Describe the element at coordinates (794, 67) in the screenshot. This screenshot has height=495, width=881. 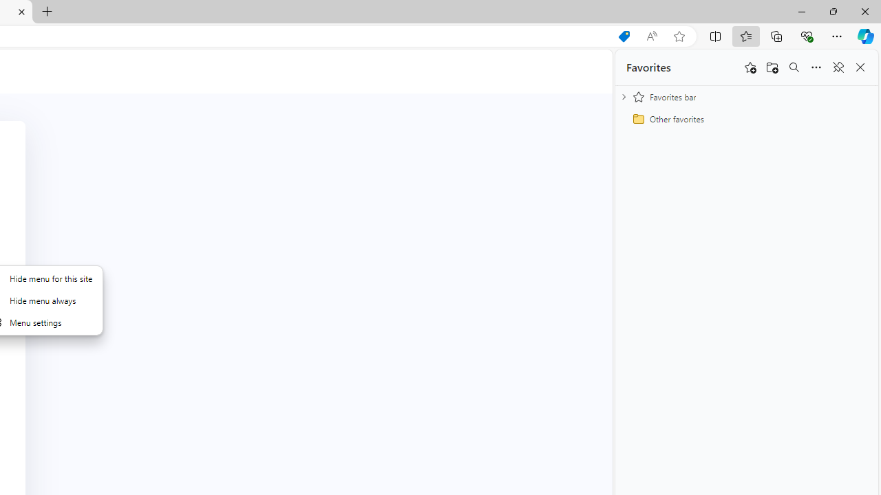
I see `'Search favorites'` at that location.